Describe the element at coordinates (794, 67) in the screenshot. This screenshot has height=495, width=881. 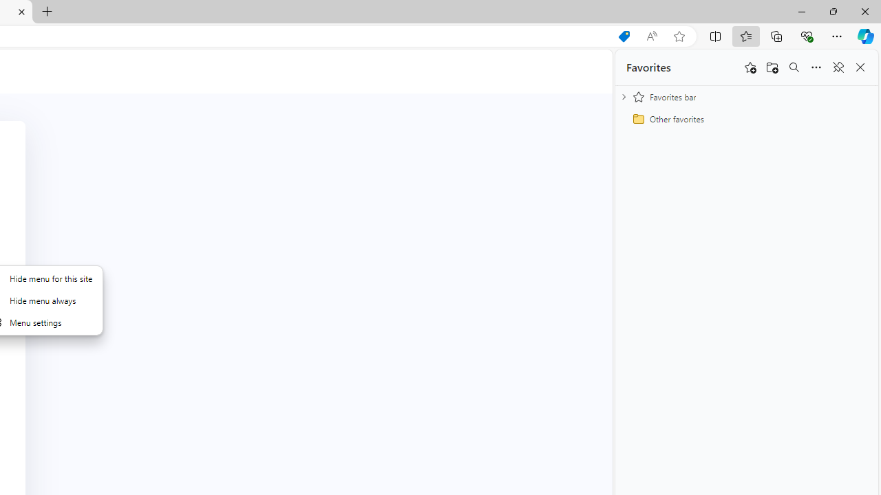
I see `'Search favorites'` at that location.